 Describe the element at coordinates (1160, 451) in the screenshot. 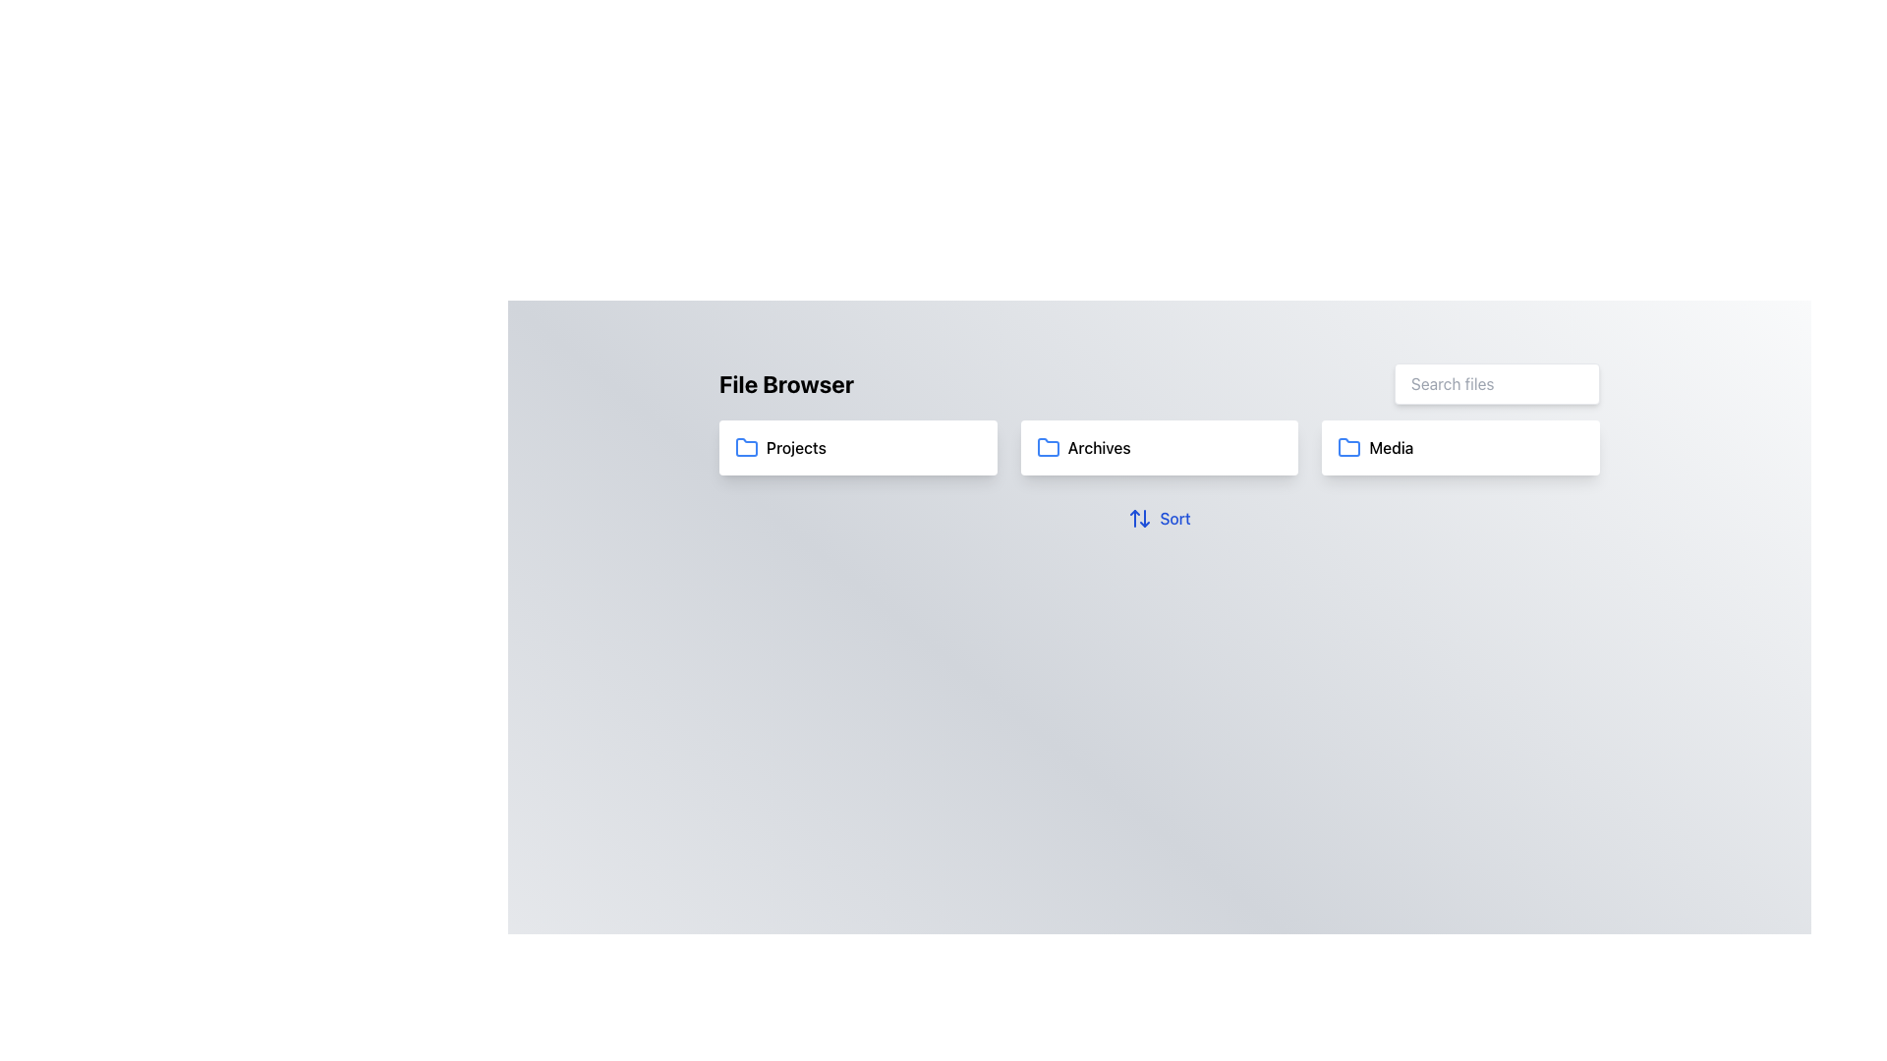

I see `the 'Archives' card in the file management interface` at that location.